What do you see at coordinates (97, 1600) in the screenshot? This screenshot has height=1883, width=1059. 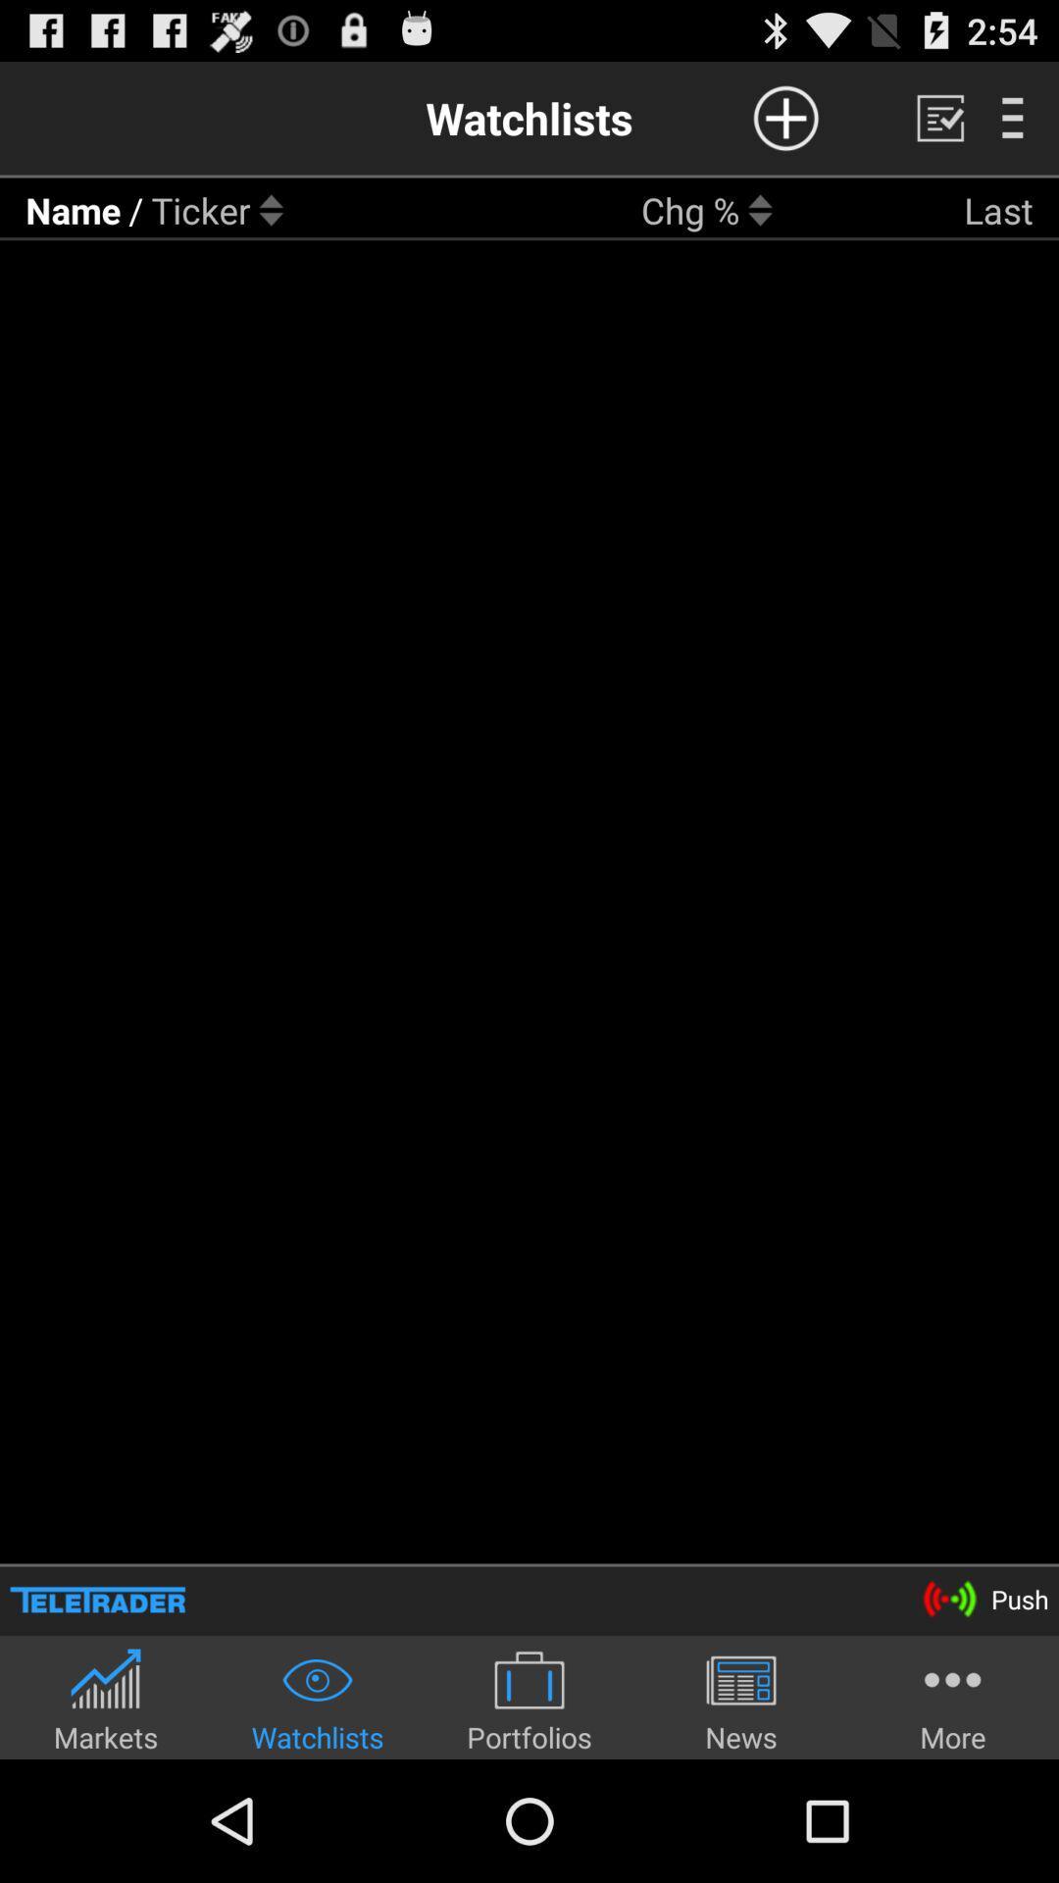 I see `app above markets app` at bounding box center [97, 1600].